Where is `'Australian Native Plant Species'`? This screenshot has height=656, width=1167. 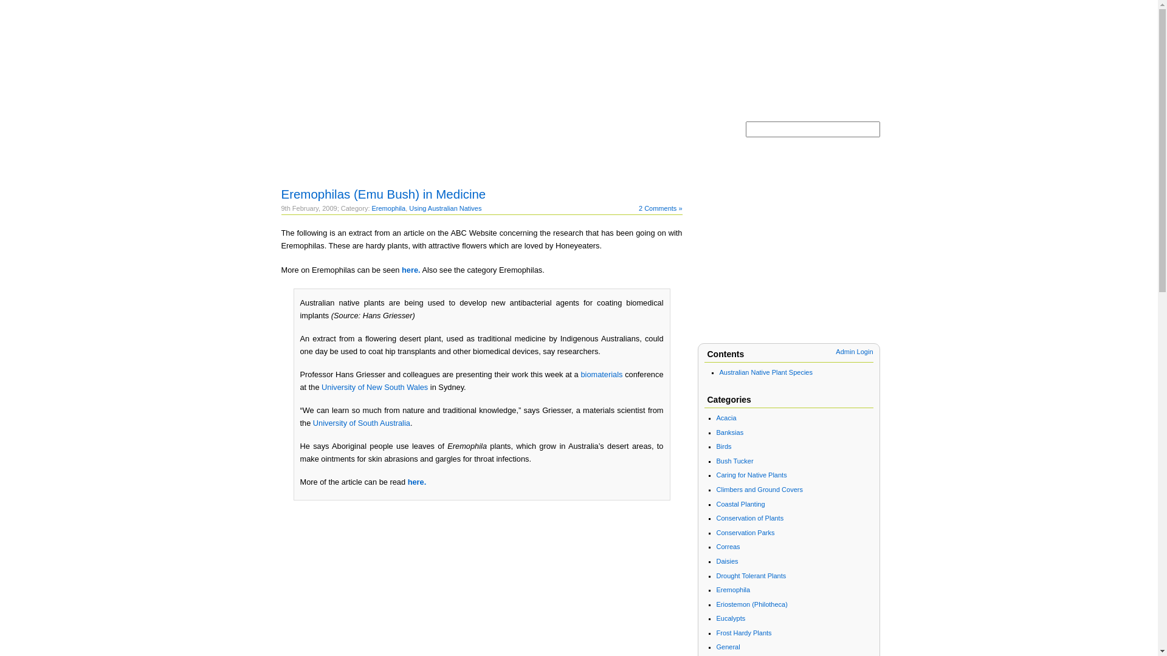
'Australian Native Plant Species' is located at coordinates (720, 372).